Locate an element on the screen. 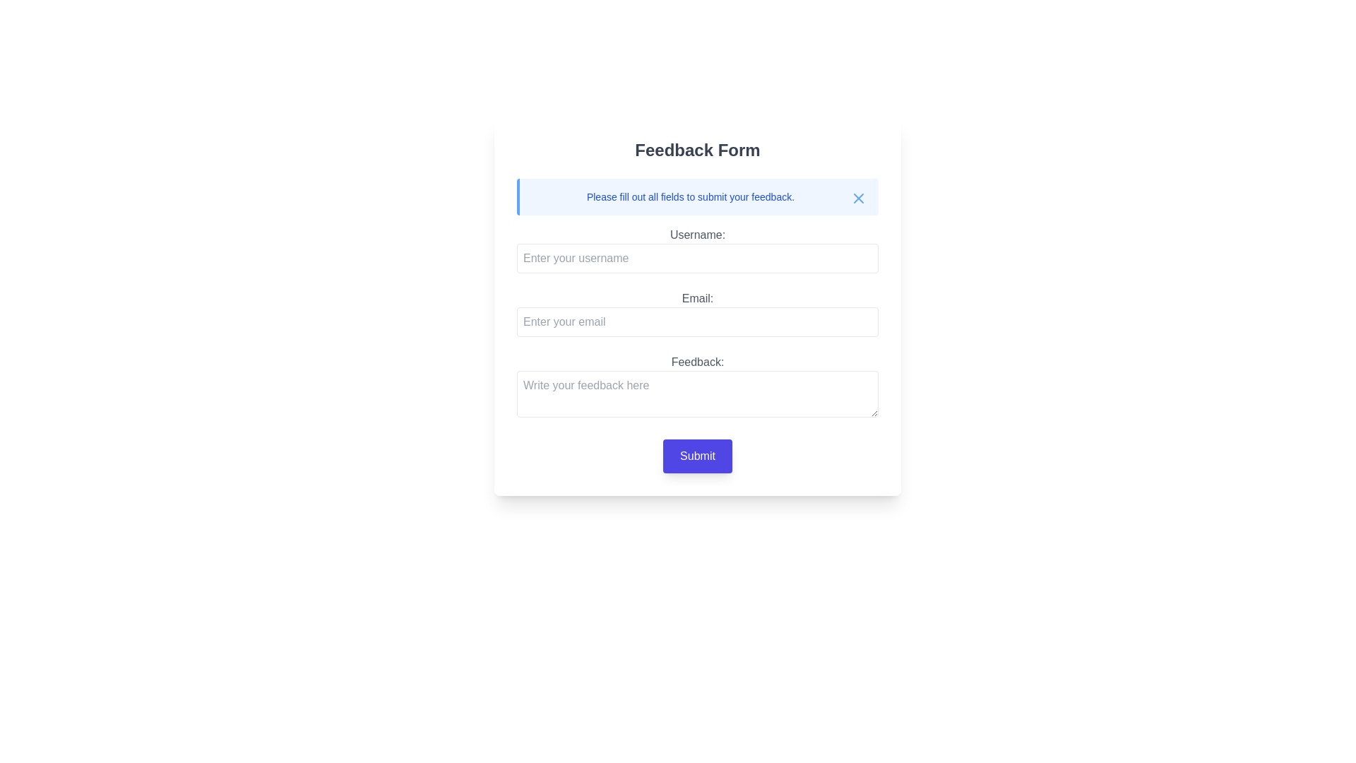 The image size is (1356, 763). the small blue diagonal cross (X) icon located in the upper-right corner of the light blue notification area labeled 'Please fill out all fields is located at coordinates (857, 199).